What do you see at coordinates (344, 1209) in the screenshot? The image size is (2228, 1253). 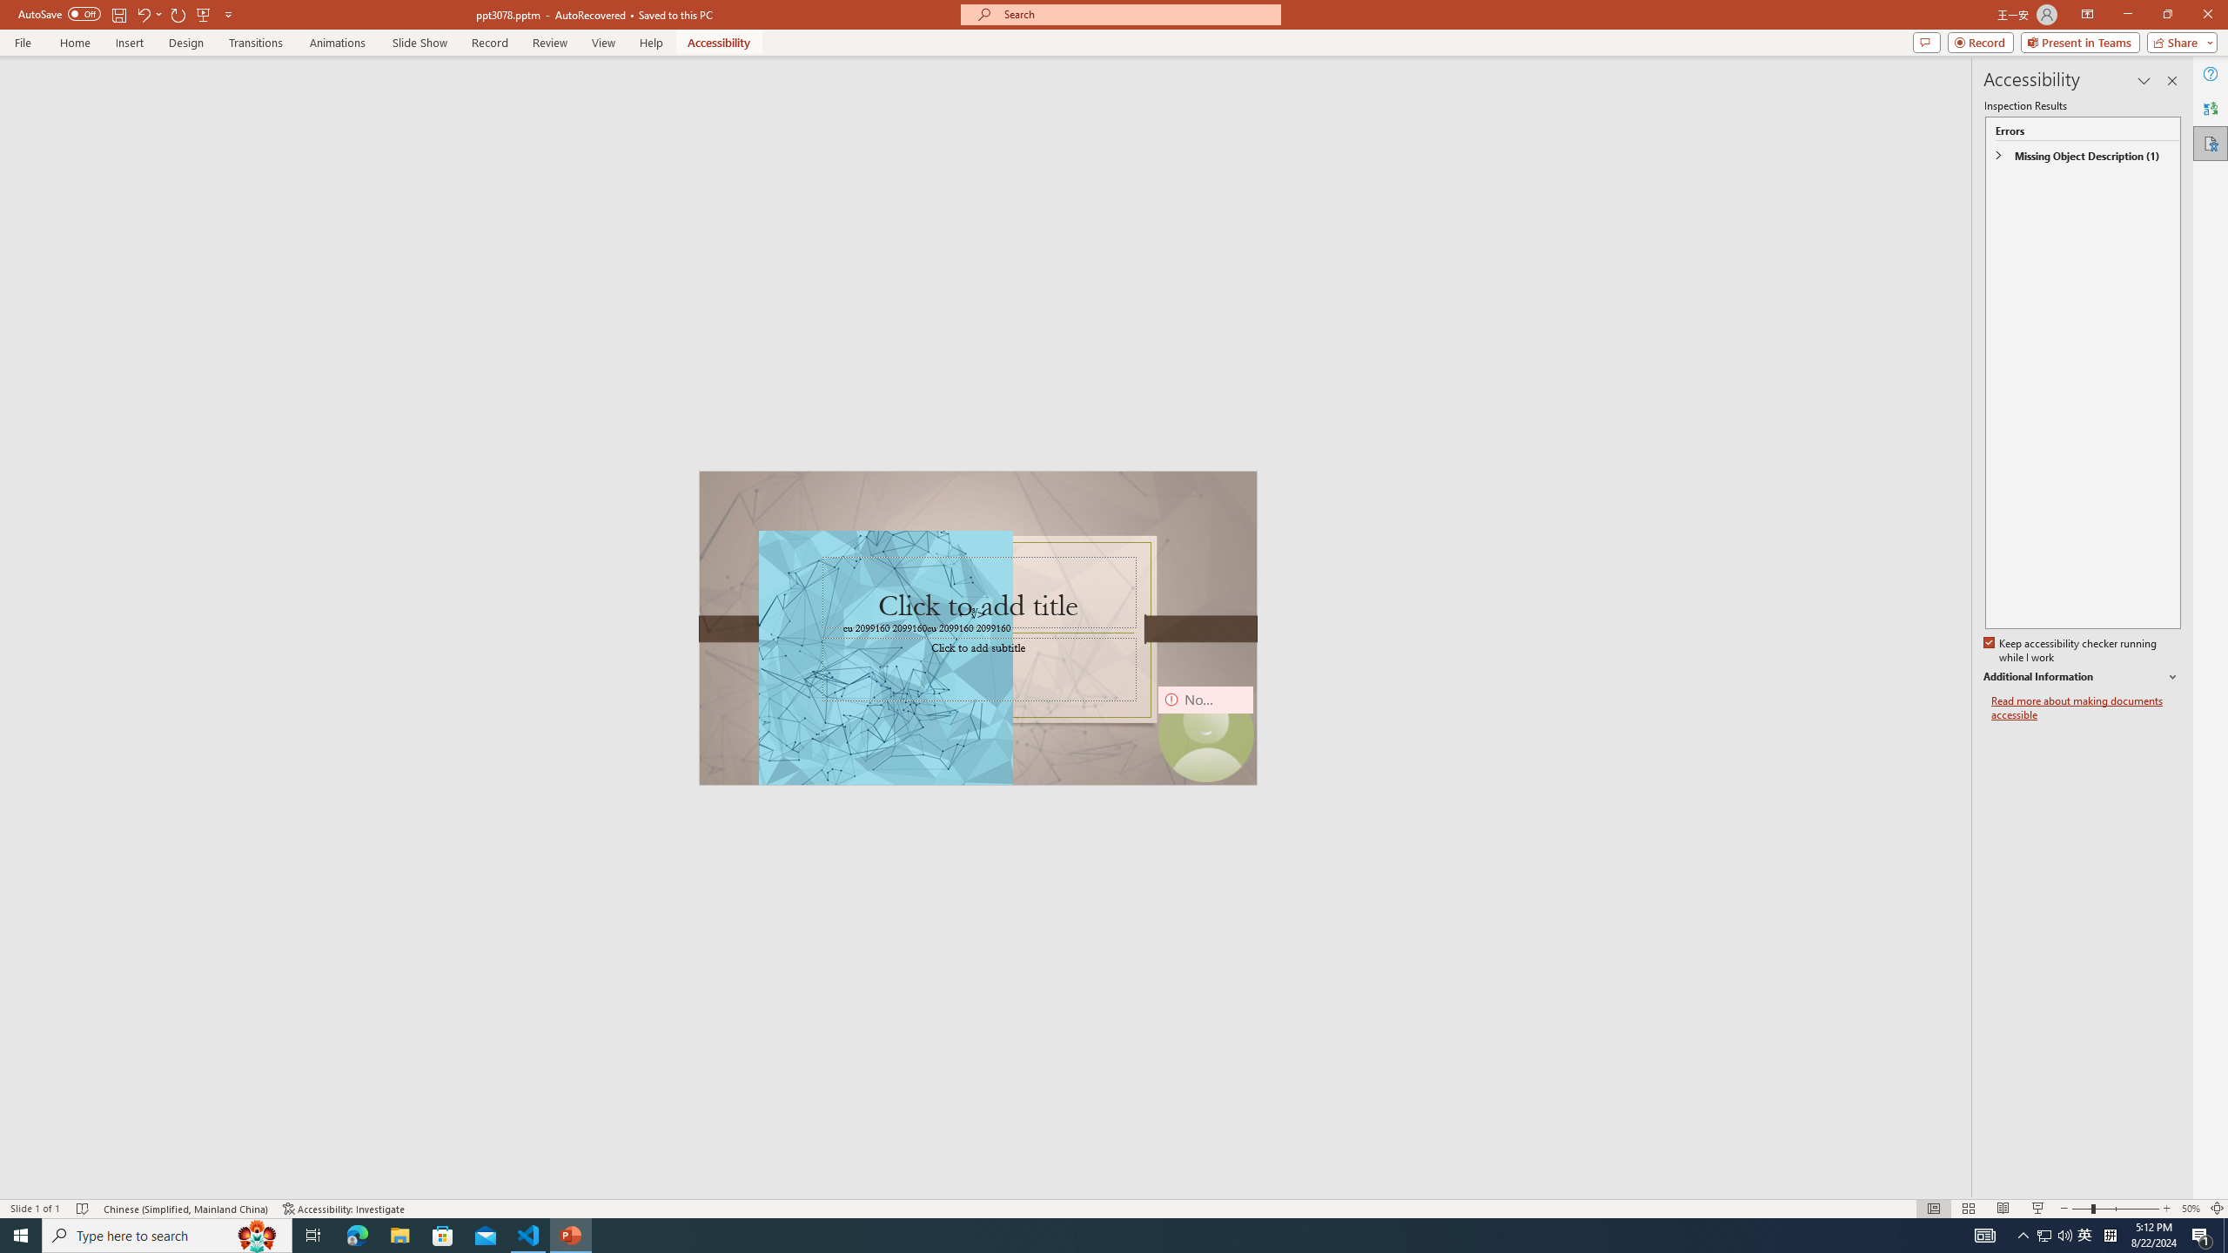 I see `'Accessibility Checker Accessibility: Investigate'` at bounding box center [344, 1209].